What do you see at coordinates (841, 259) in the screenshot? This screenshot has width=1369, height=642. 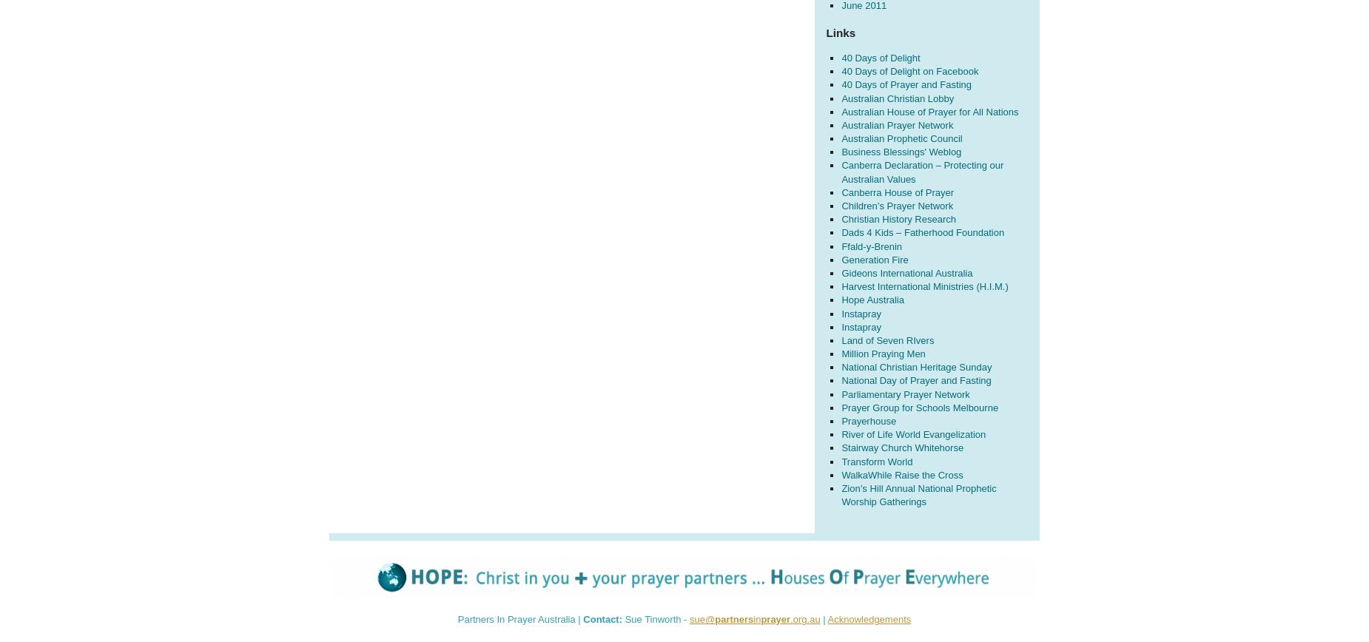 I see `'Generation Fire'` at bounding box center [841, 259].